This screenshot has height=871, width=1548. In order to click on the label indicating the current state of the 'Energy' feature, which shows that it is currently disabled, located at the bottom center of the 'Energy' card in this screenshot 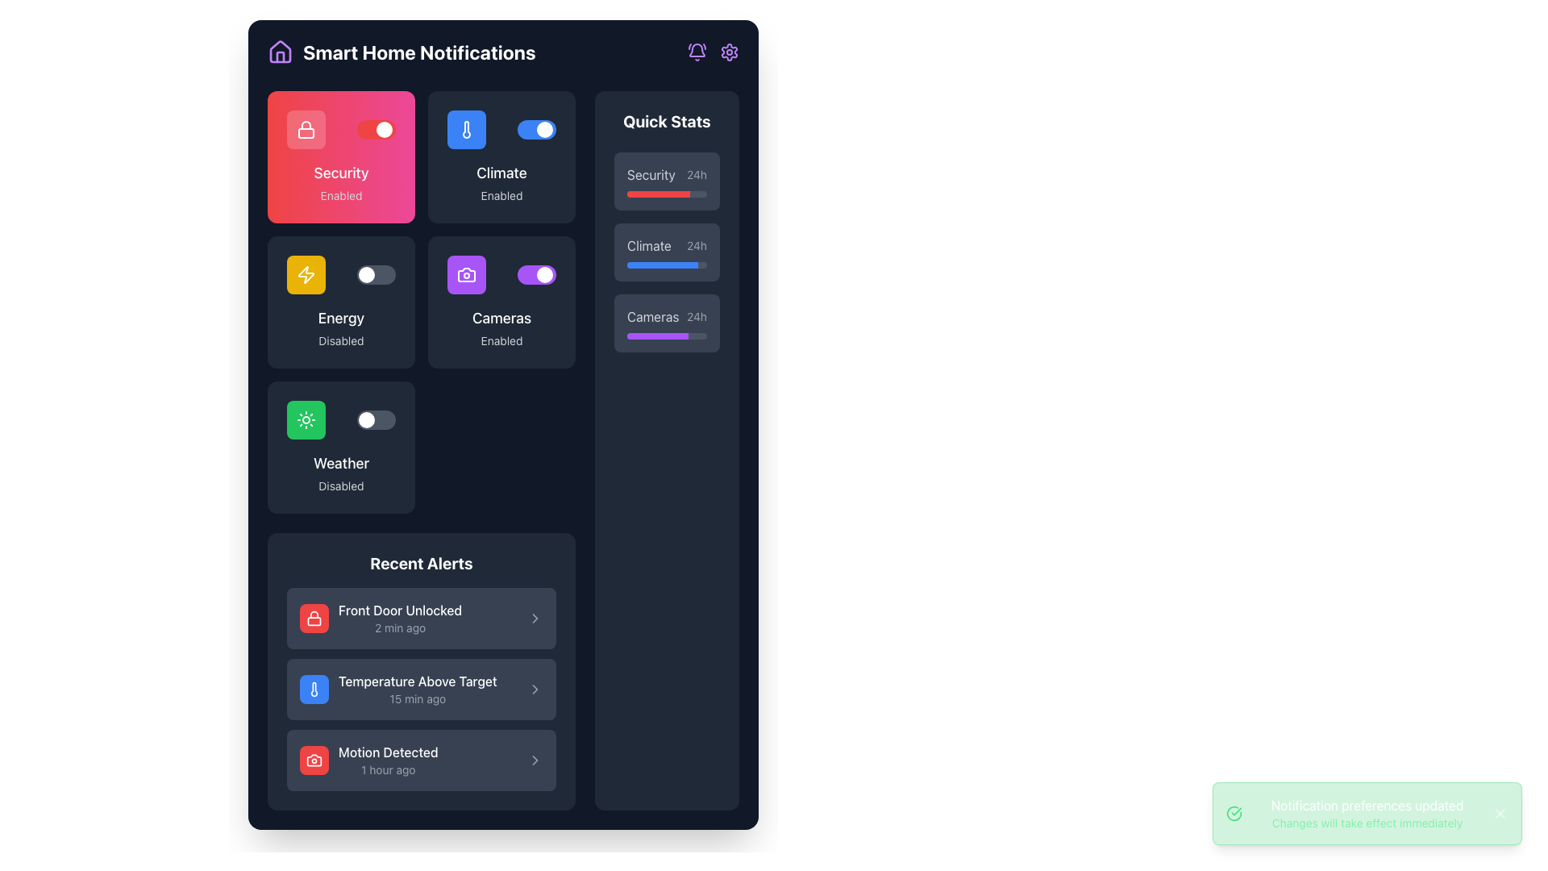, I will do `click(340, 340)`.